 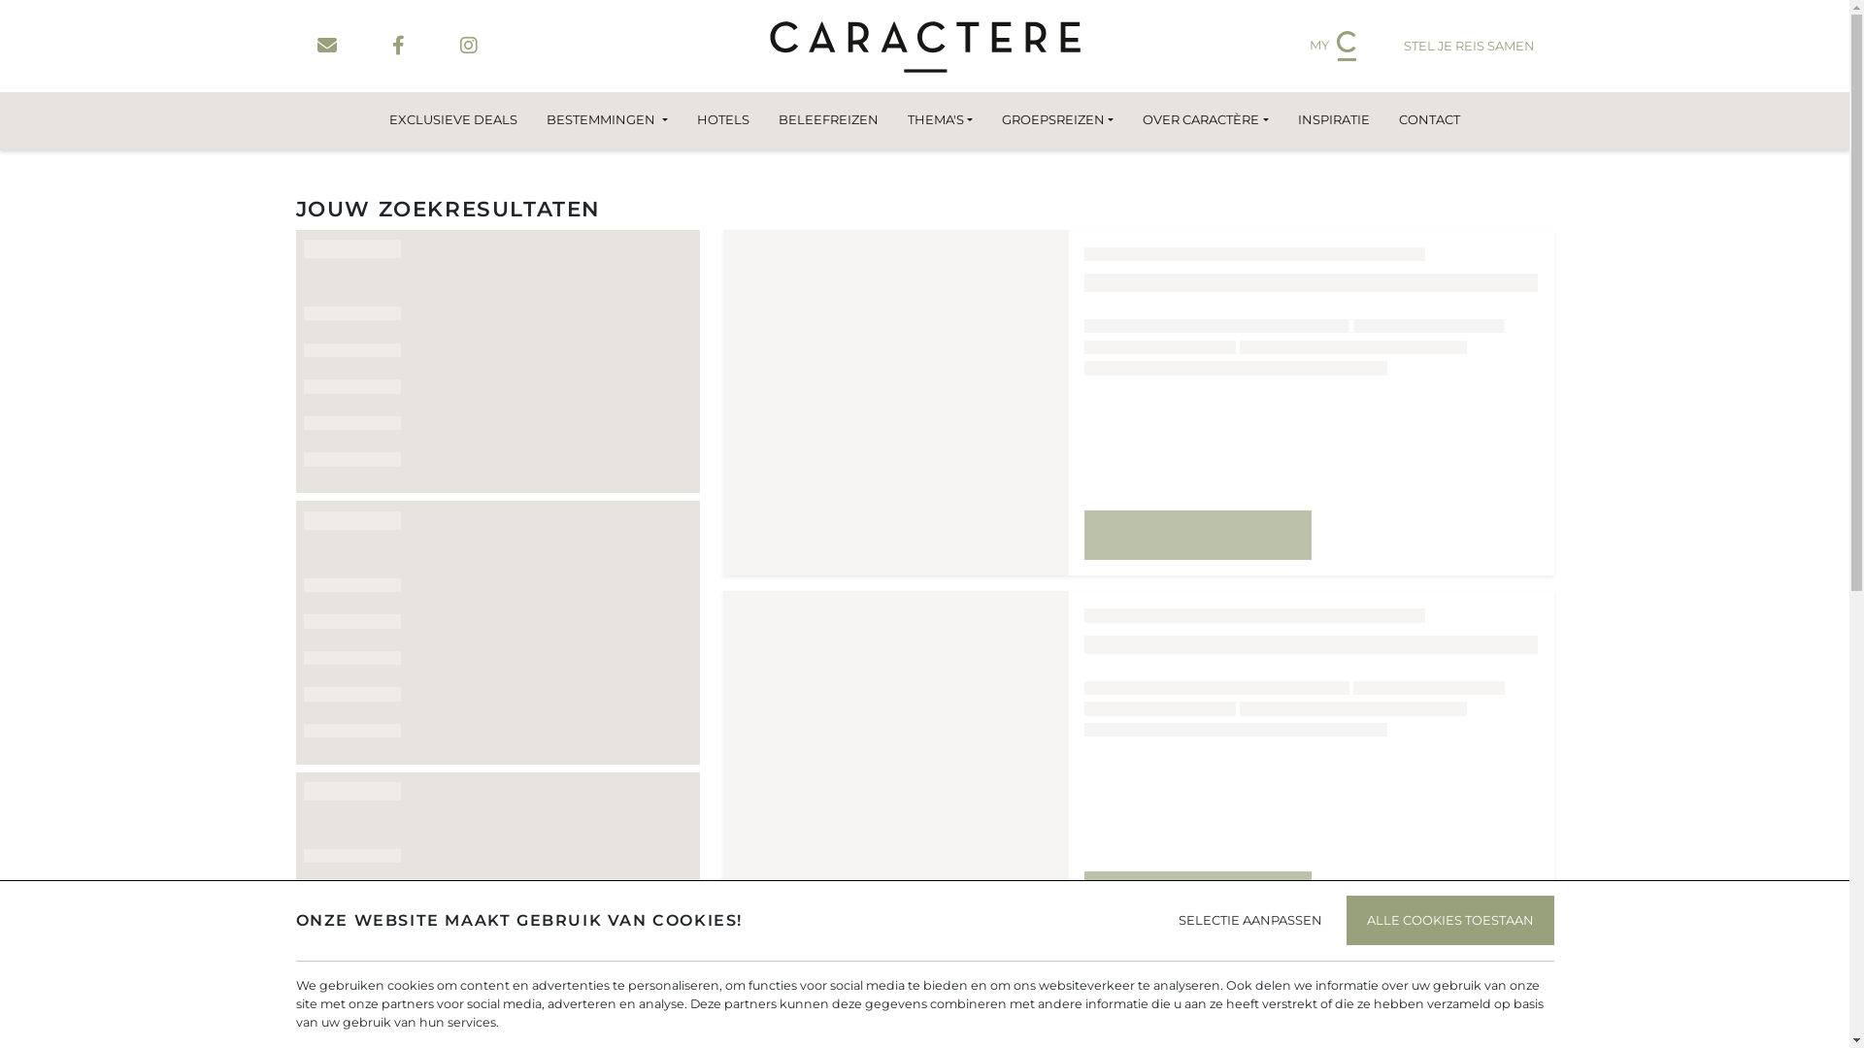 I want to click on 'CONTACT', so click(x=1382, y=119).